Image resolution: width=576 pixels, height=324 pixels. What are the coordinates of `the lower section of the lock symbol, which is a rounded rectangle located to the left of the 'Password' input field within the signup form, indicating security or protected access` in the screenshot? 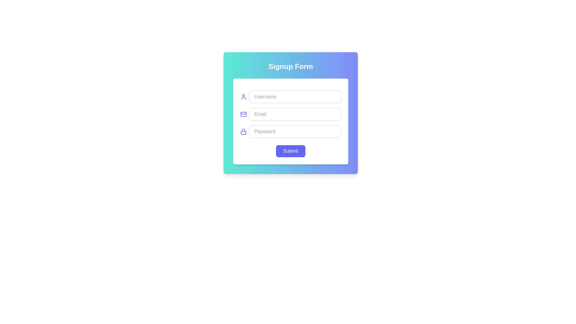 It's located at (243, 133).